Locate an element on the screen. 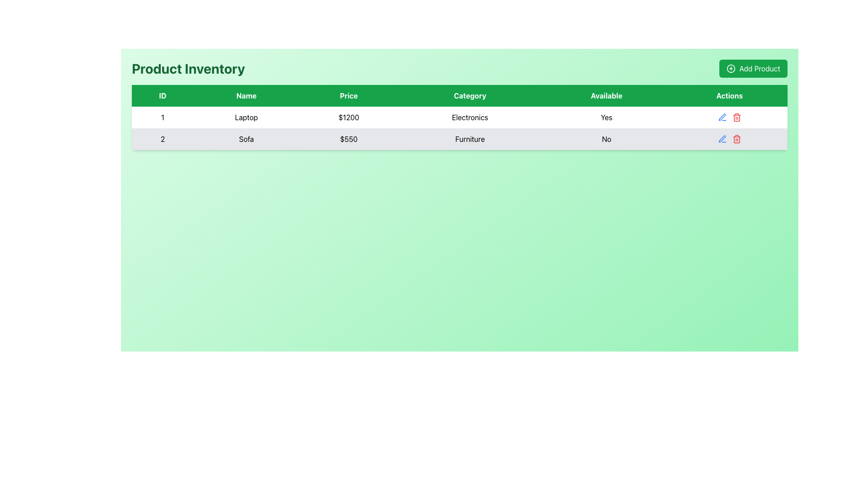  the Button group with icons in the far-right column of the first row under the 'Actions' column is located at coordinates (729, 117).